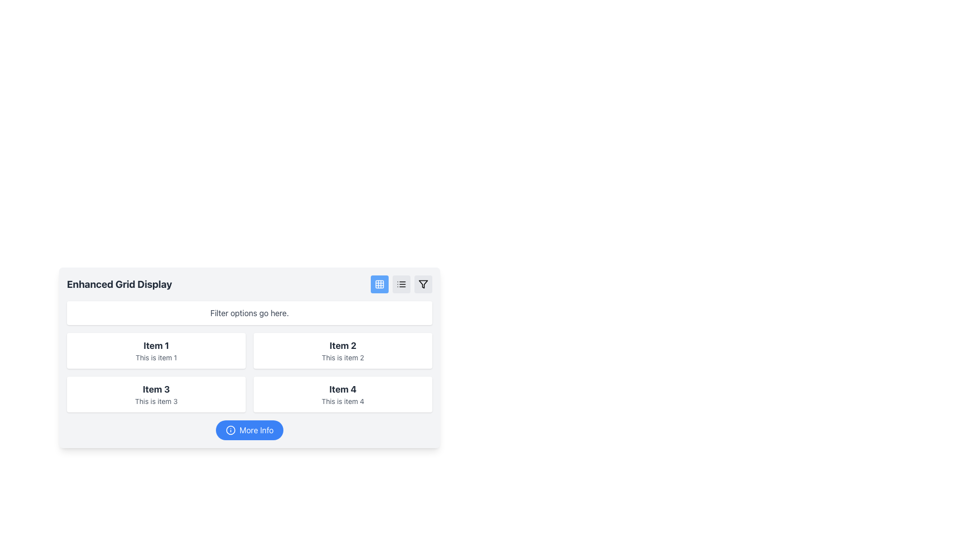  I want to click on the filter button located at the top-right corner of the panel, so click(423, 284).